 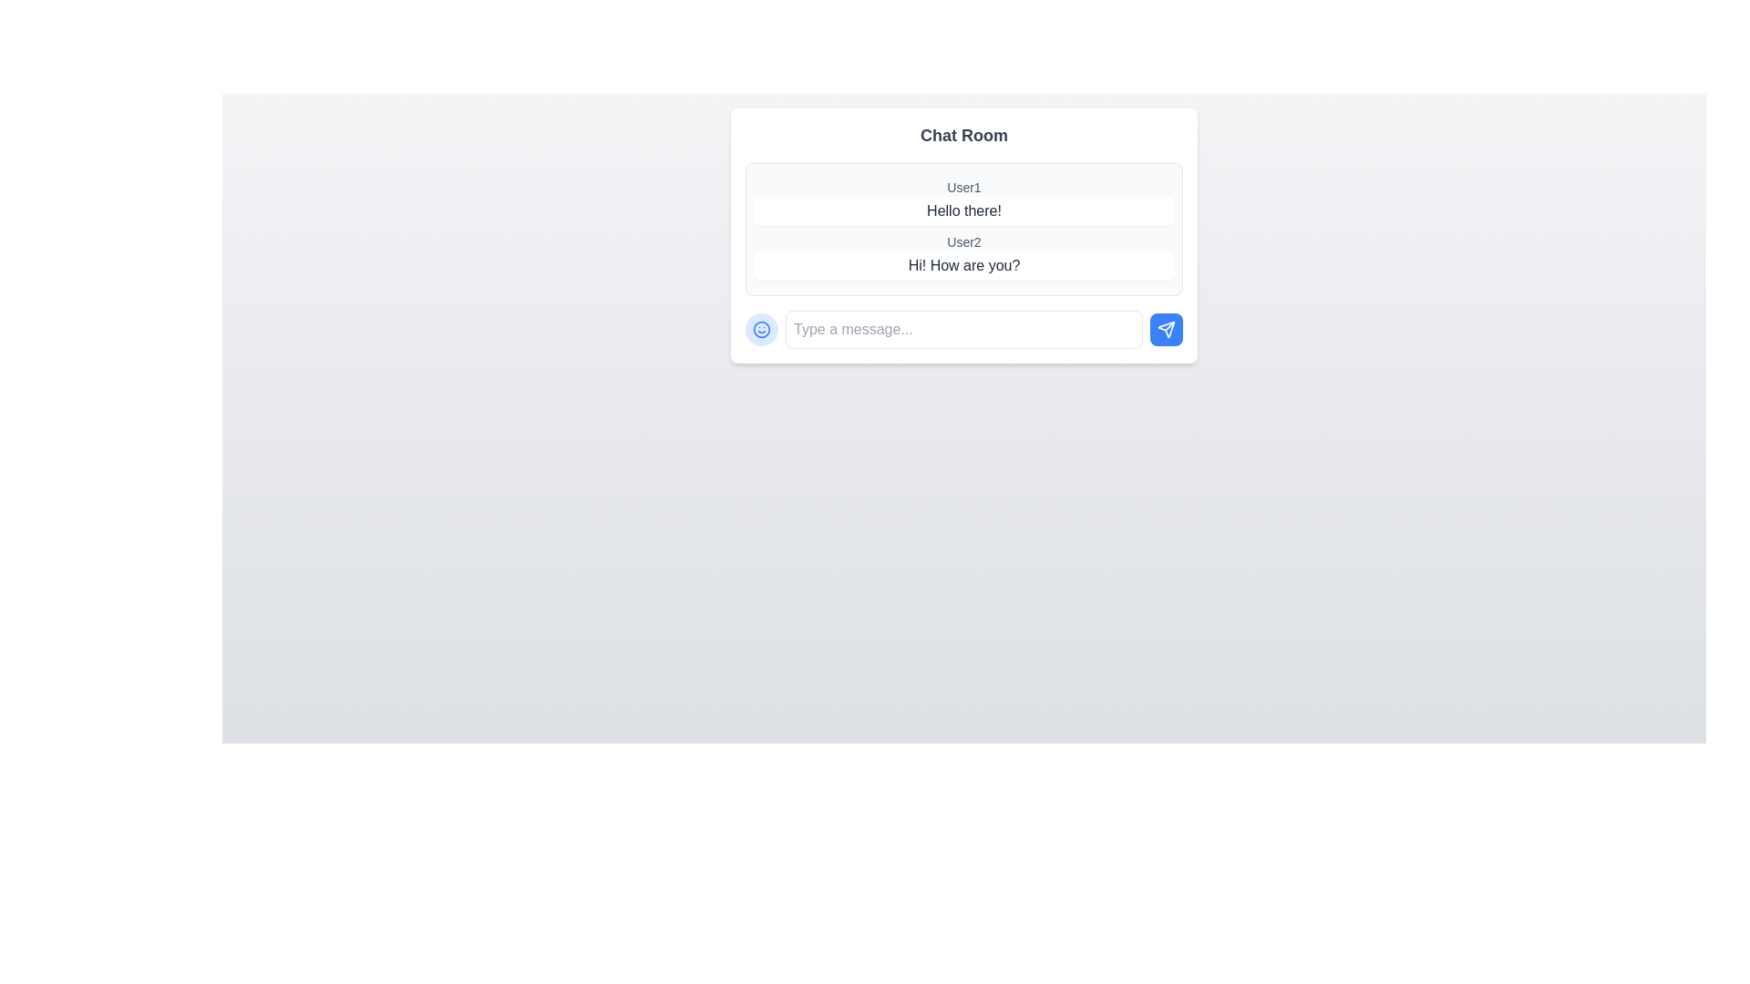 What do you see at coordinates (761, 330) in the screenshot?
I see `the small, circular blue button with a smiling face icon located at the bottom left of the chat interface` at bounding box center [761, 330].